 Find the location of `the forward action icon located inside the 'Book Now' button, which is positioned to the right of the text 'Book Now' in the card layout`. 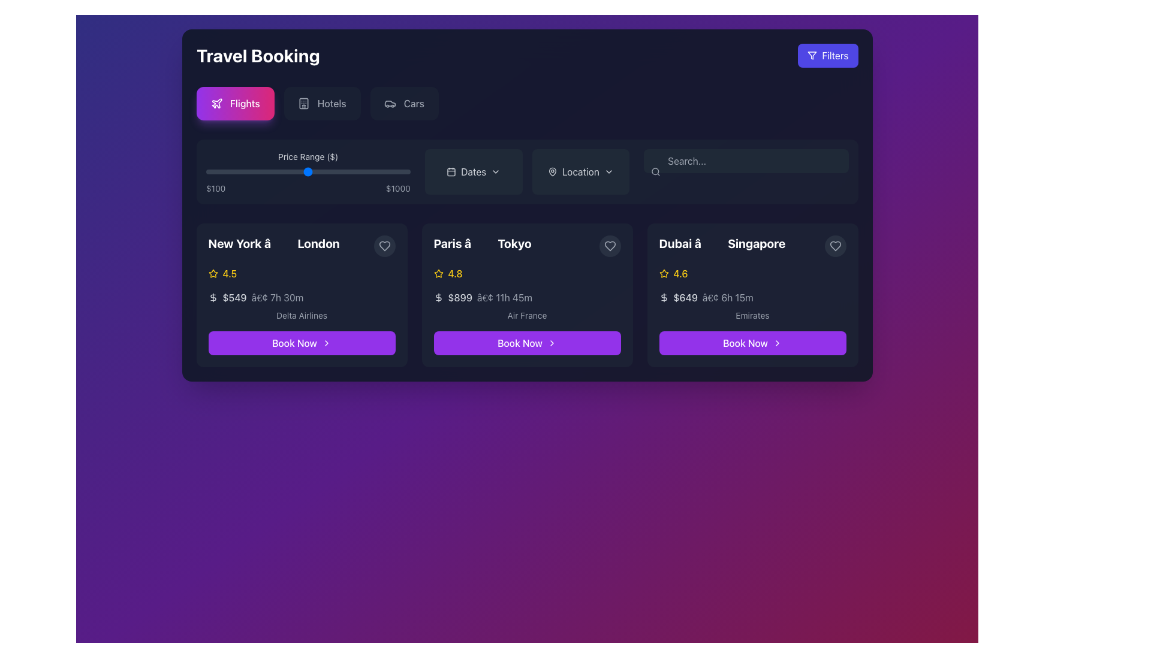

the forward action icon located inside the 'Book Now' button, which is positioned to the right of the text 'Book Now' in the card layout is located at coordinates (326, 343).